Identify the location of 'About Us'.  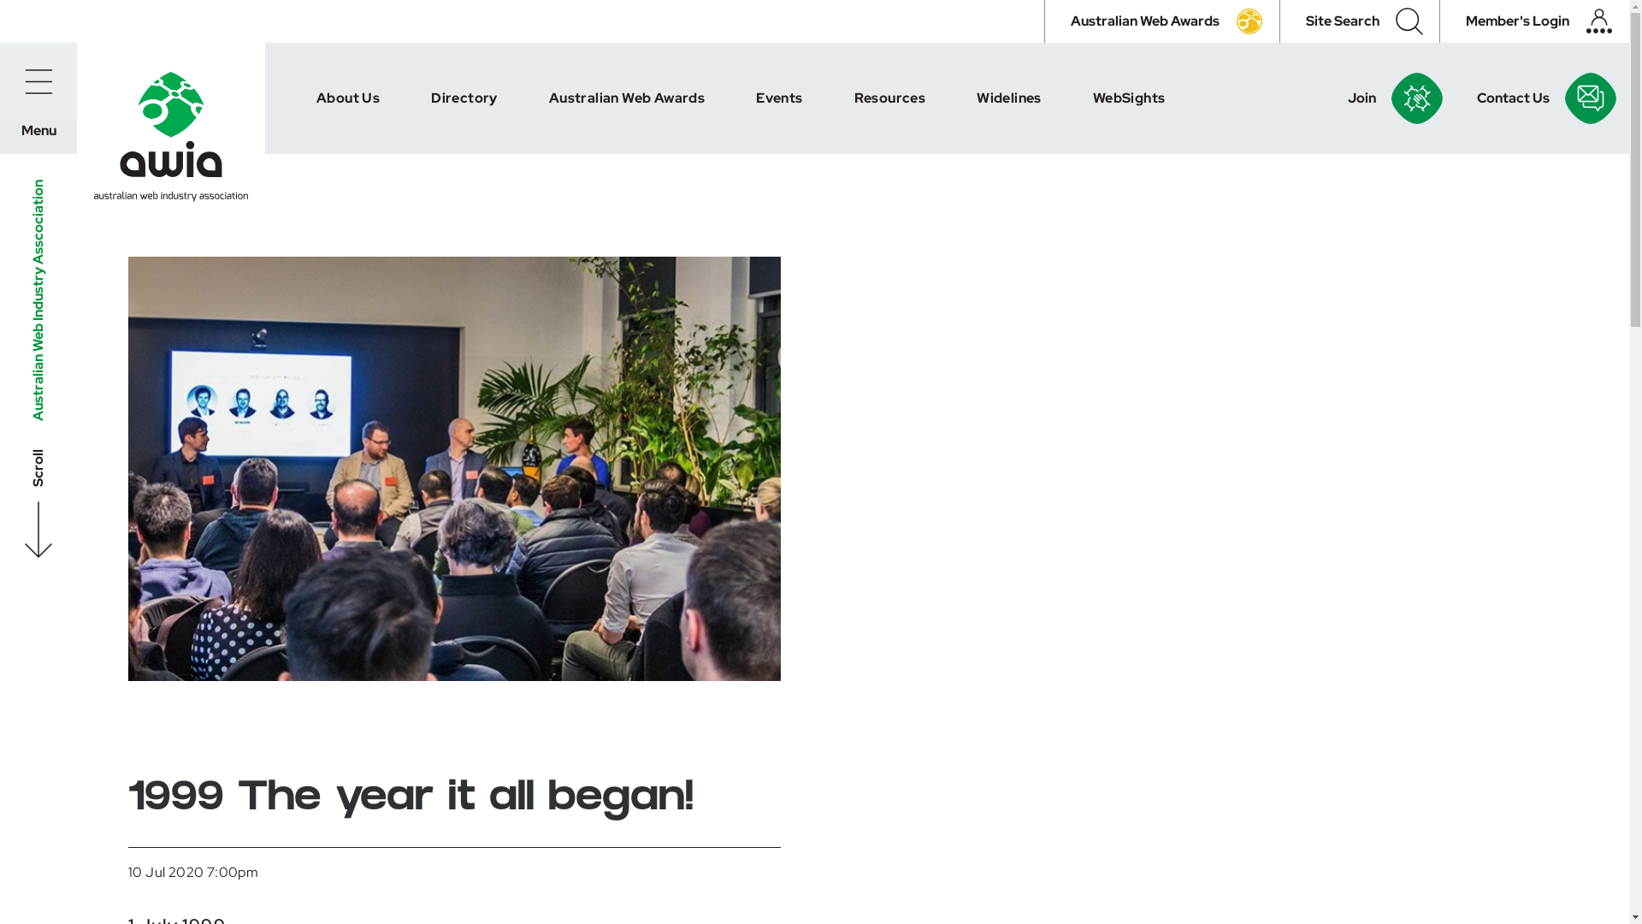
(347, 98).